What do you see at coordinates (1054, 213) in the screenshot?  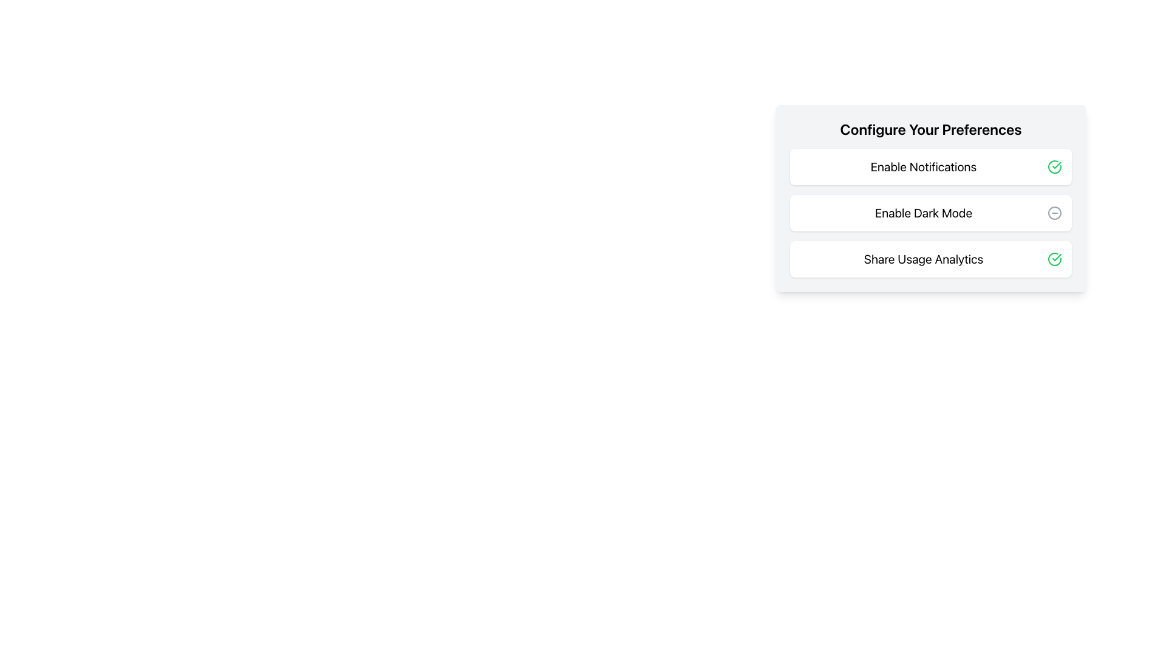 I see `the outer circle of the SVG graphic associated with the 'Enable Dark Mode' option located on the second row of options` at bounding box center [1054, 213].